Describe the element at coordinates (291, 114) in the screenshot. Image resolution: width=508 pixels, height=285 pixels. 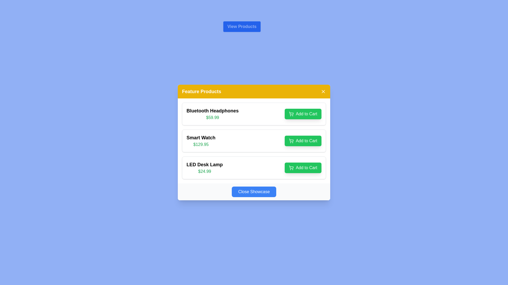
I see `the shopping cart icon, which is part of the 'Add to Cart' button for the first product 'Bluetooth Headphones' in the 'Feature Products' section` at that location.